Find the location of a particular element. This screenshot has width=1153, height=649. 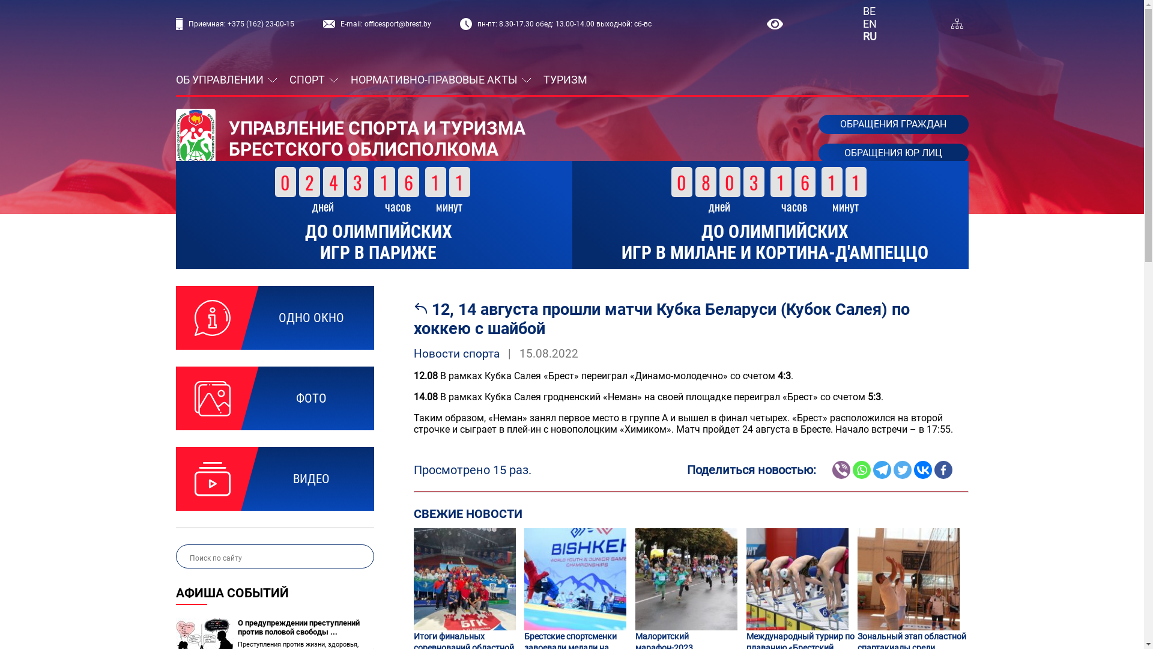

'Vkontakte' is located at coordinates (922, 469).